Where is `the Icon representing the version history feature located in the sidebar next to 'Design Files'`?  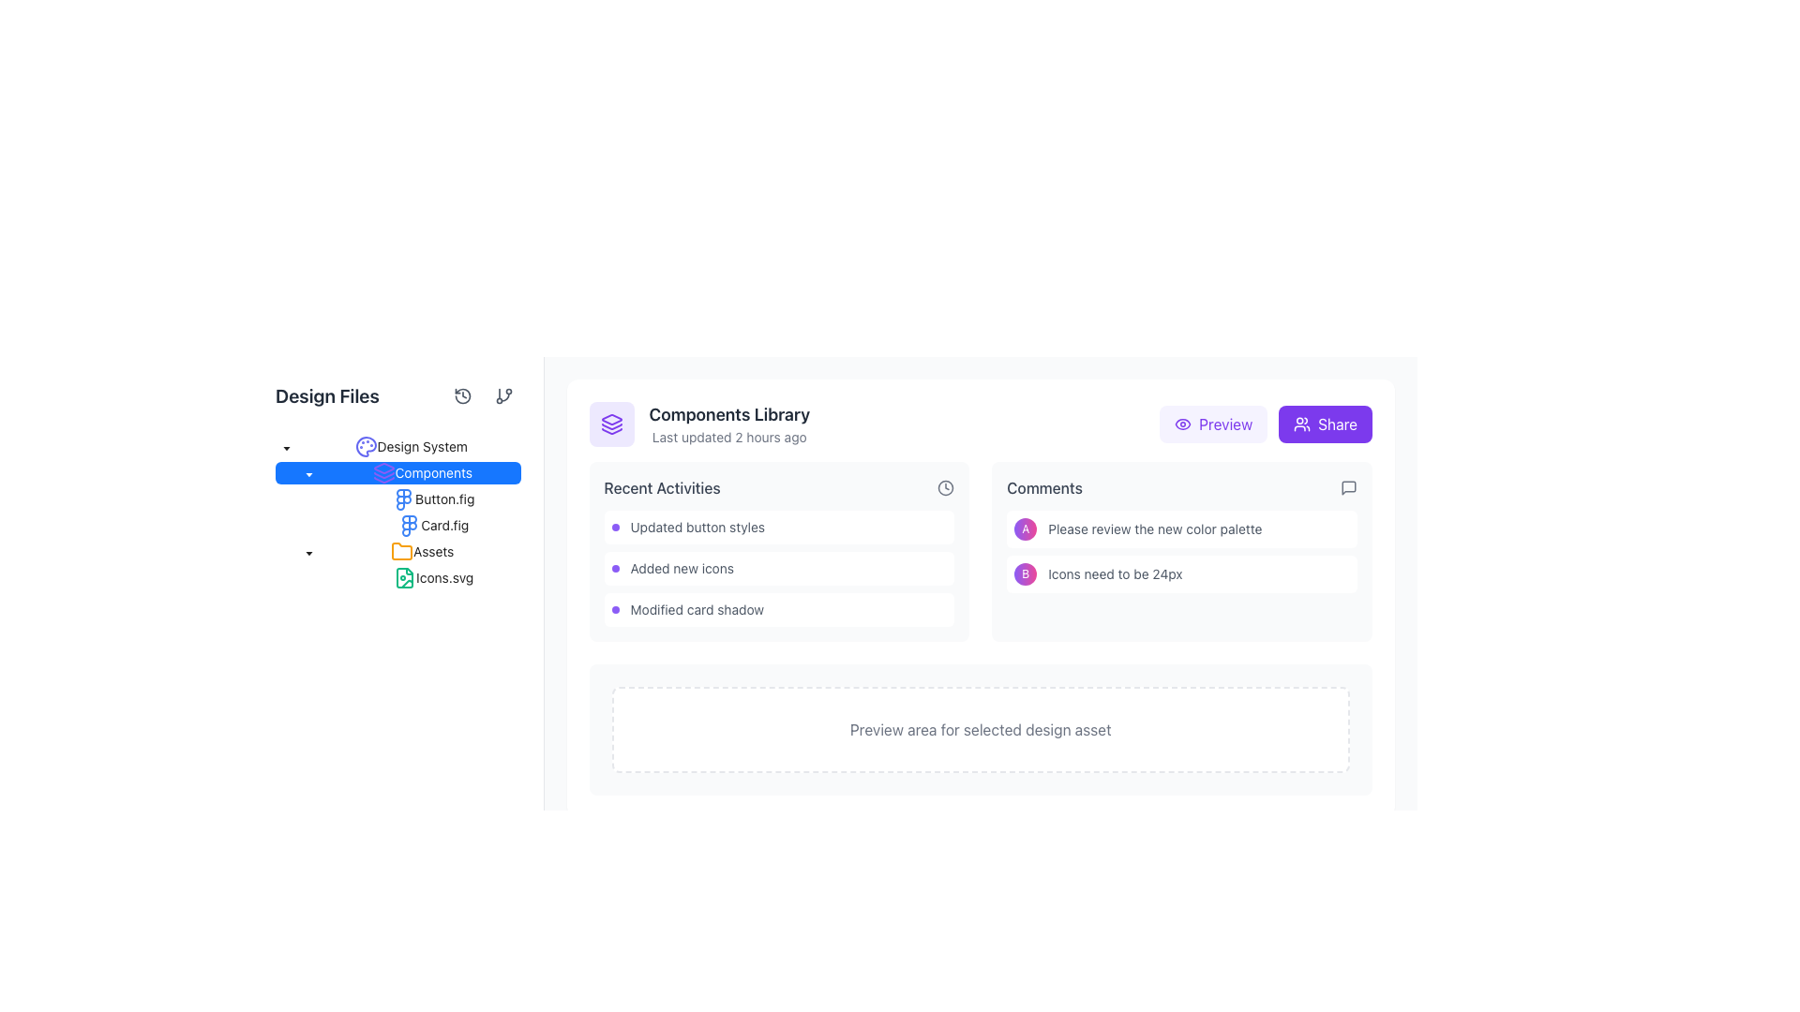
the Icon representing the version history feature located in the sidebar next to 'Design Files' is located at coordinates (462, 395).